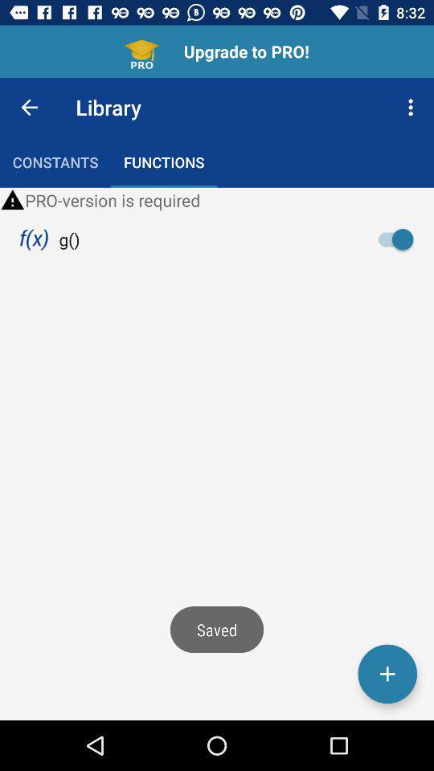  Describe the element at coordinates (412, 106) in the screenshot. I see `the item above pro version is item` at that location.